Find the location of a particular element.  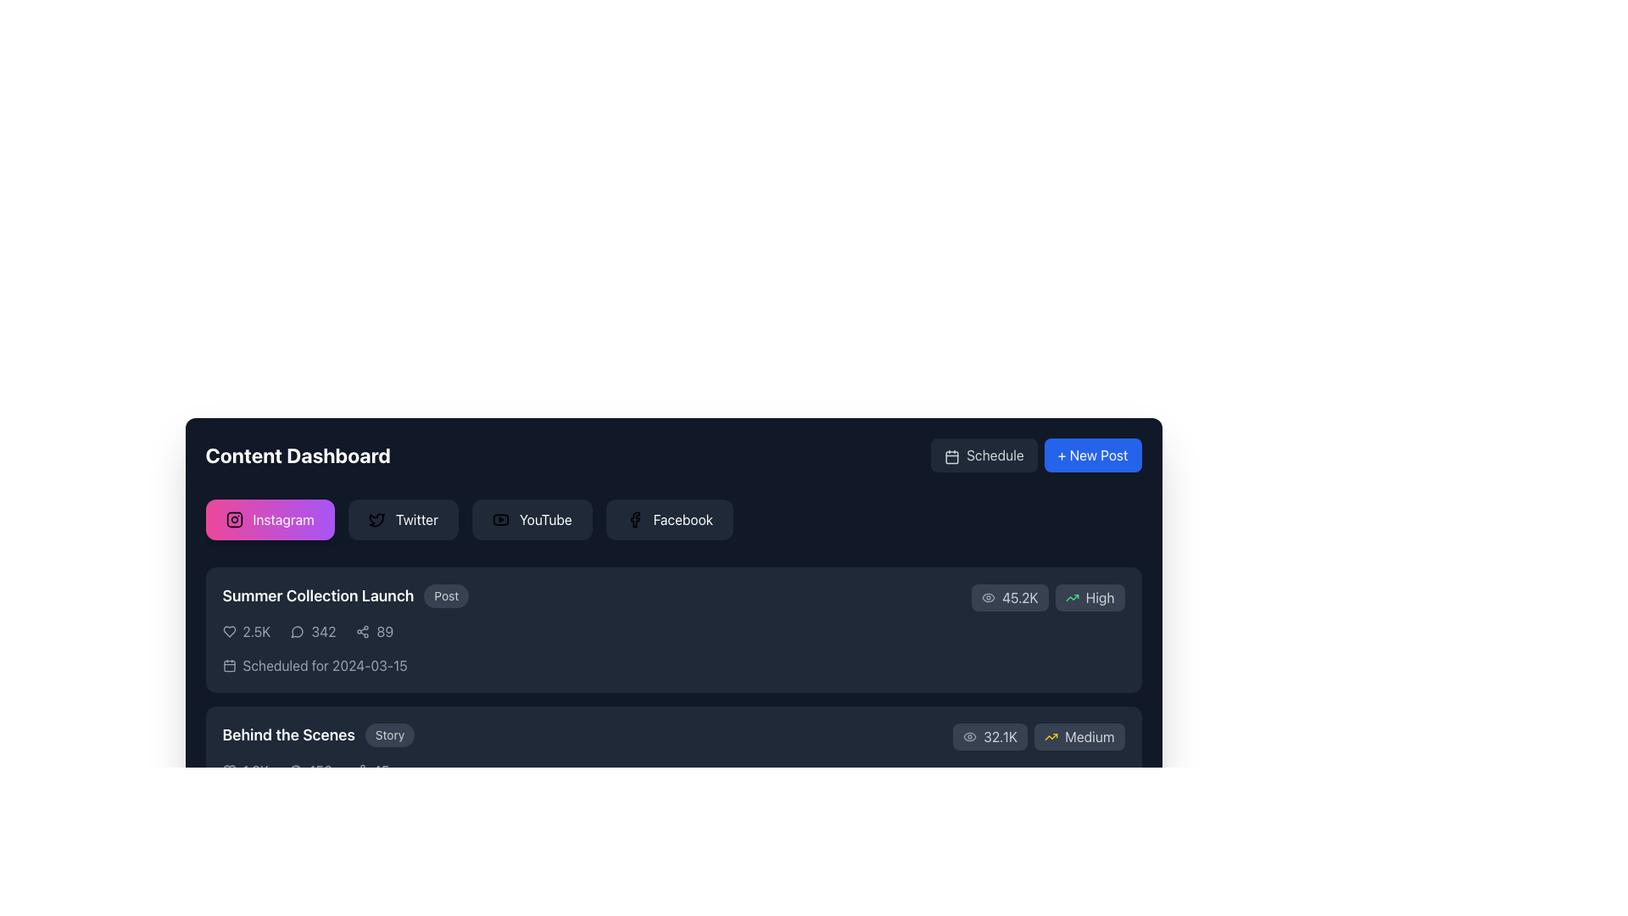

the icon in the Horizontal Scrollable Menu is located at coordinates (672, 522).